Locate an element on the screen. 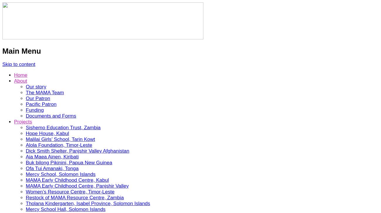 Image resolution: width=381 pixels, height=213 pixels. 'MAMA Early Childhood Centre, Kabul' is located at coordinates (67, 180).